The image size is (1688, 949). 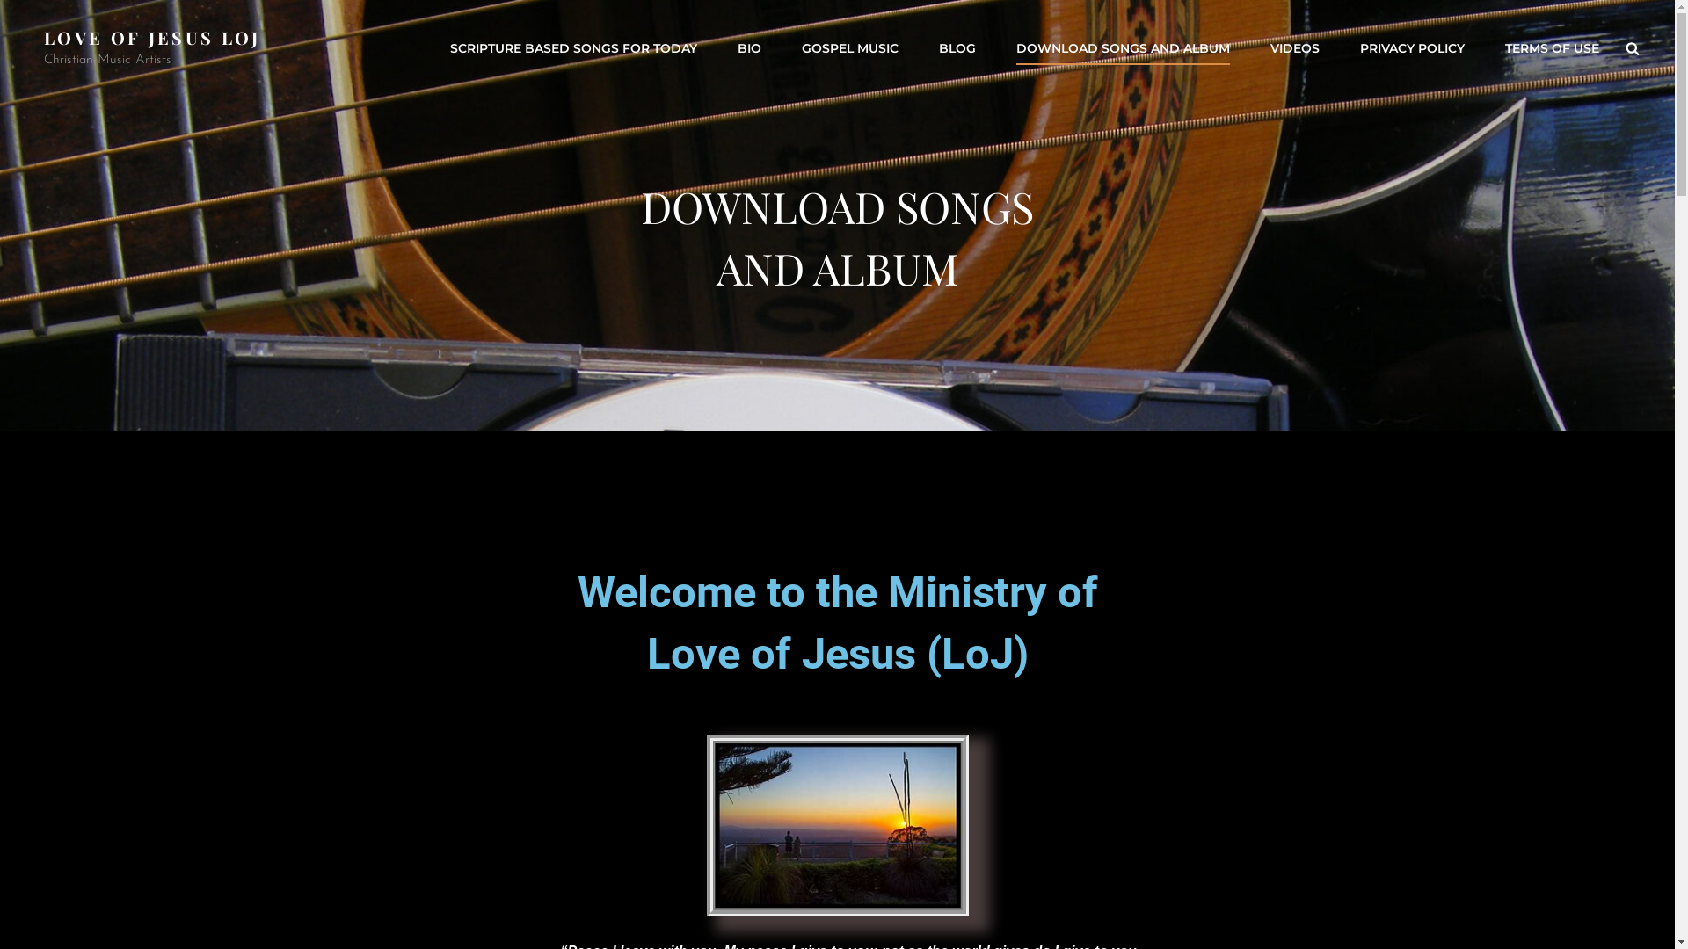 What do you see at coordinates (1122, 47) in the screenshot?
I see `'DOWNLOAD SONGS AND ALBUM'` at bounding box center [1122, 47].